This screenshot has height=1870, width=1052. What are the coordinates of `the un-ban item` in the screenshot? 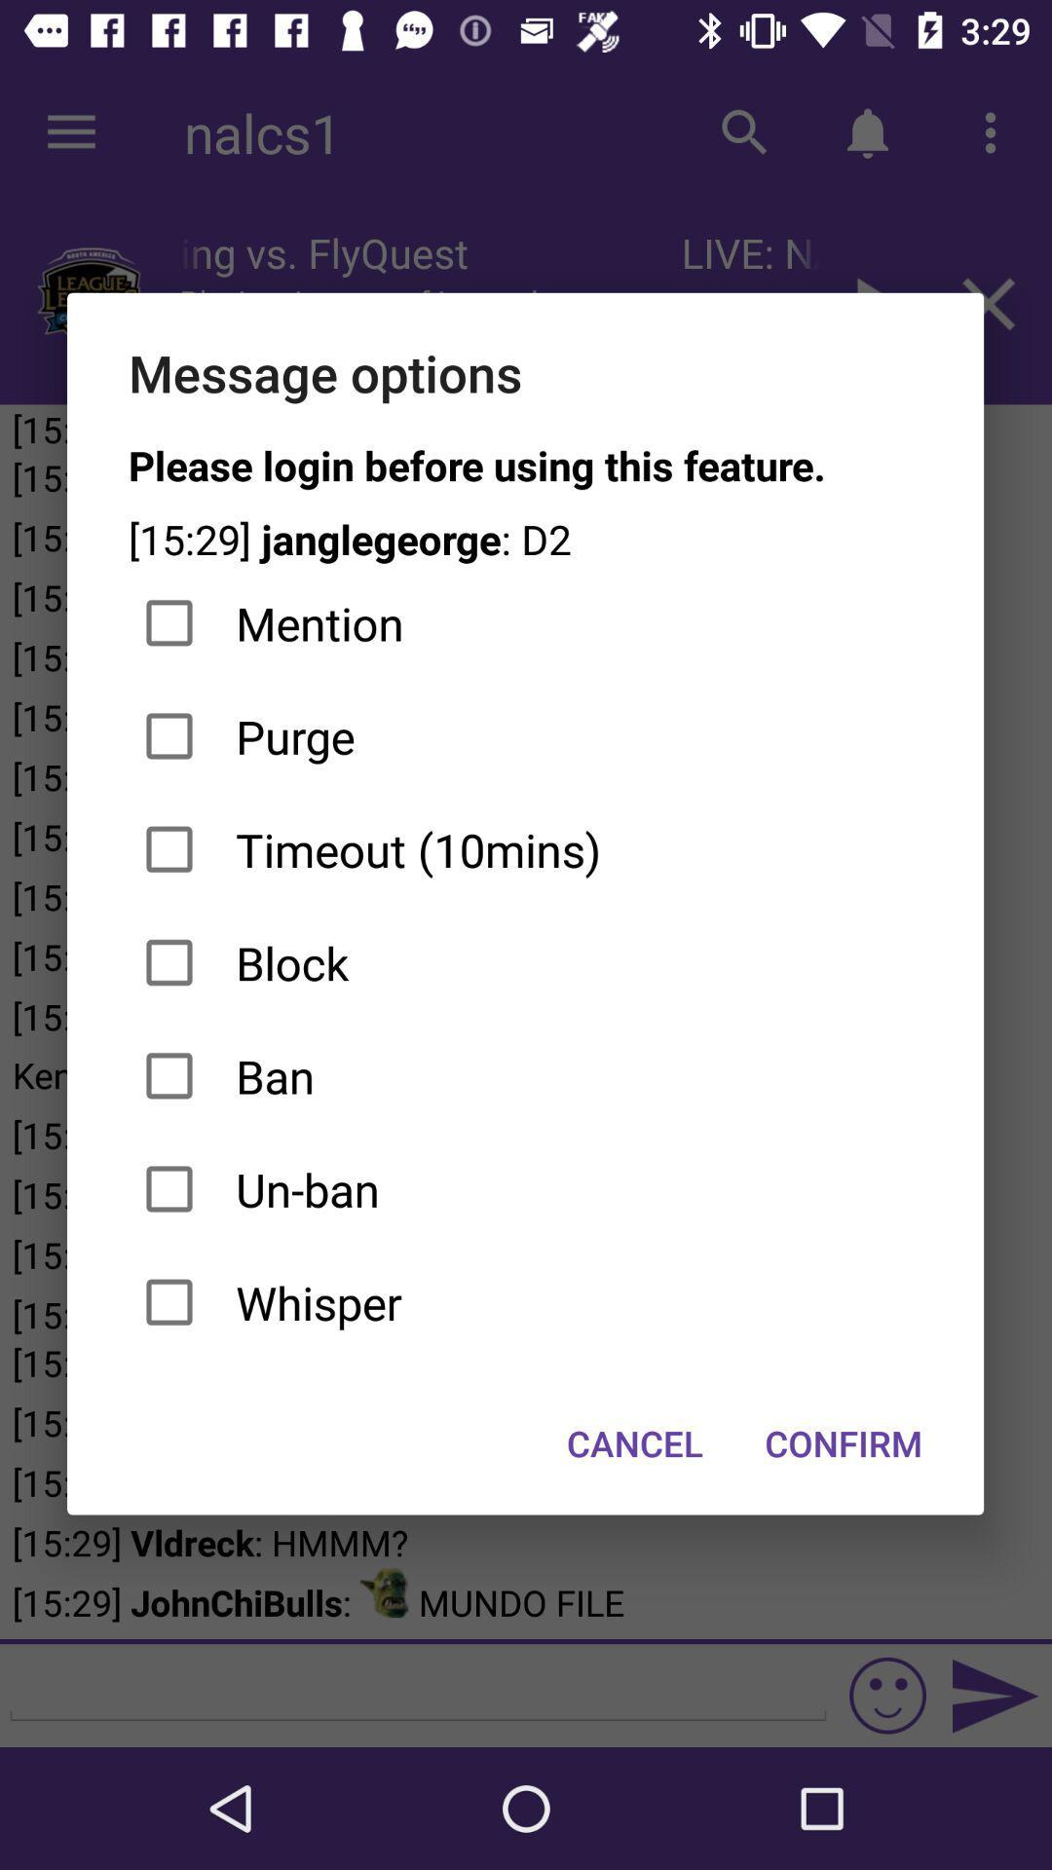 It's located at (524, 1188).